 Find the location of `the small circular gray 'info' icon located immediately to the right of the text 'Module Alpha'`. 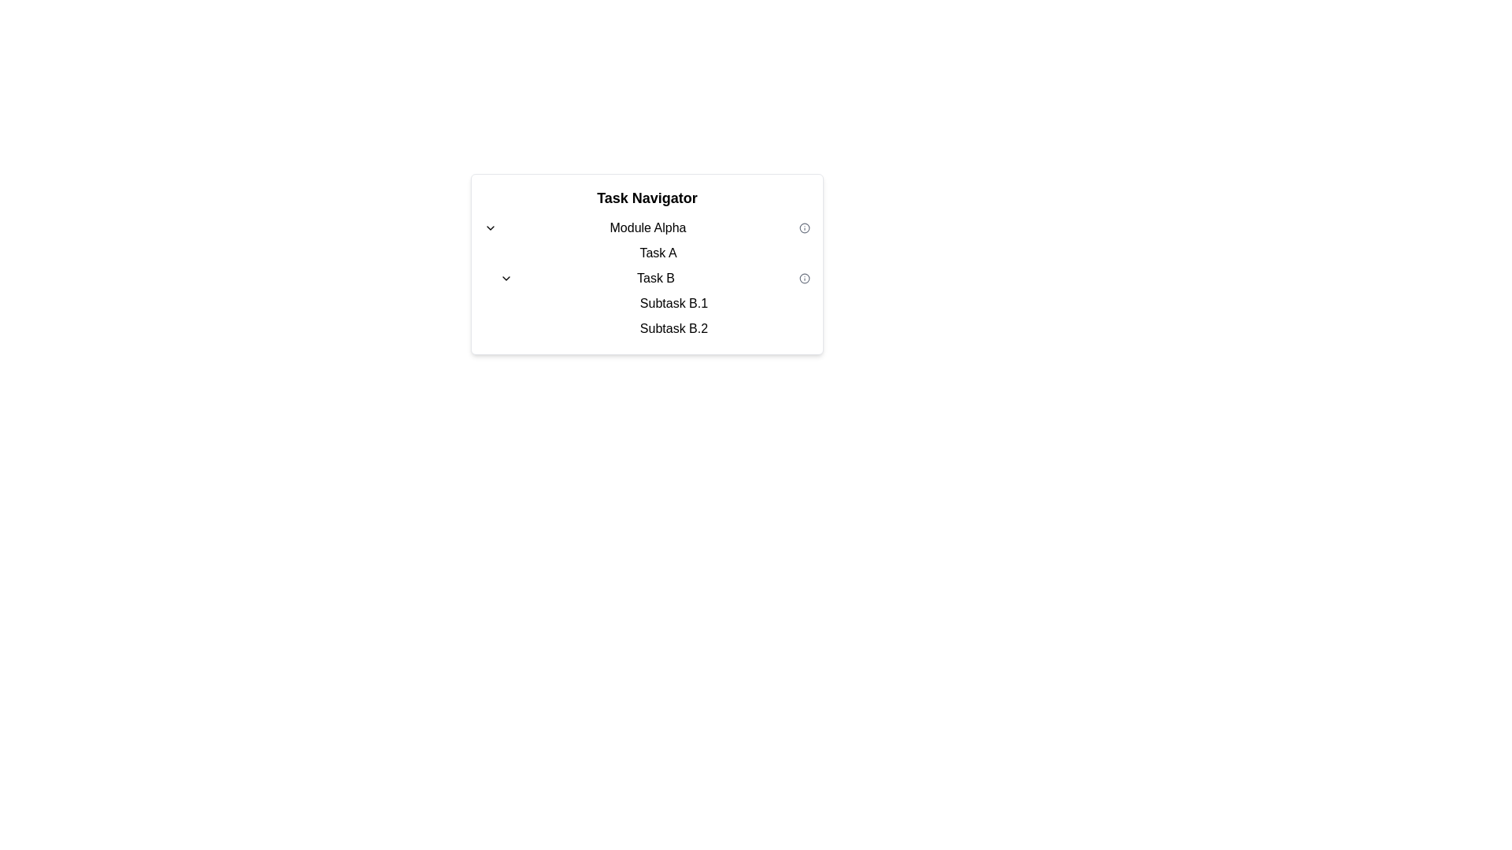

the small circular gray 'info' icon located immediately to the right of the text 'Module Alpha' is located at coordinates (805, 227).